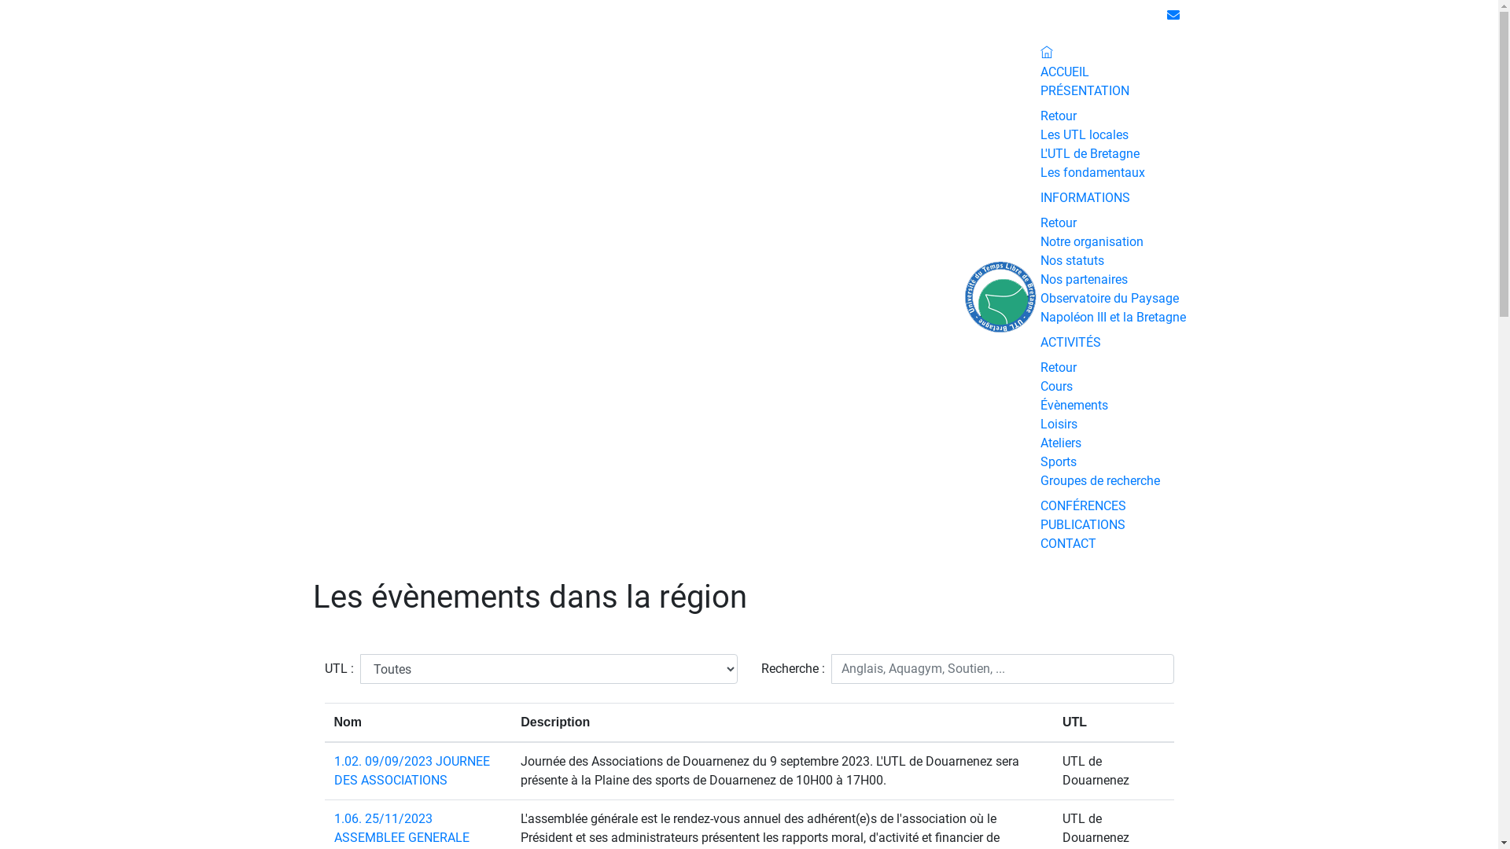  I want to click on 'ACCUEIL', so click(1064, 72).